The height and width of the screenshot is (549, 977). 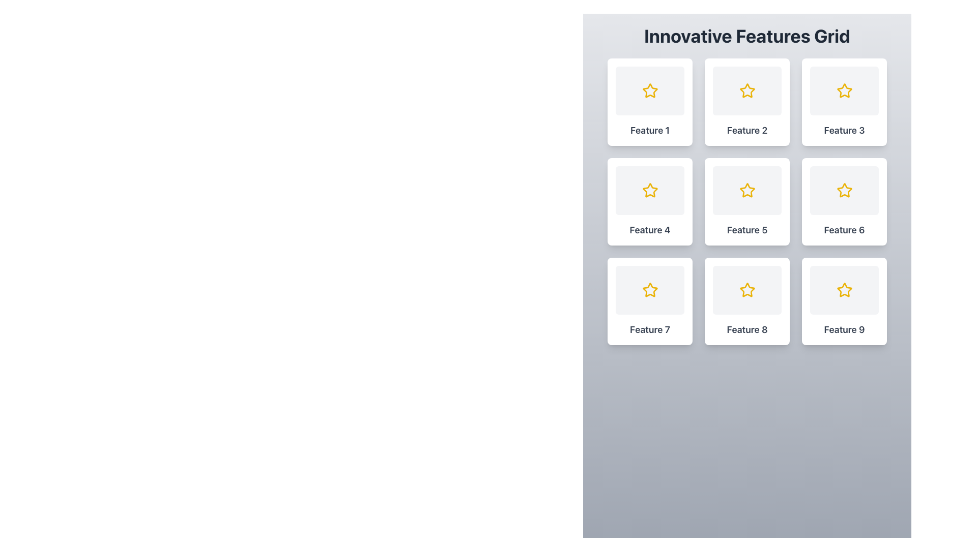 I want to click on text label at the center of the sixth card in the Innovative Features Grid, located in the middle row and third column, so click(x=844, y=230).